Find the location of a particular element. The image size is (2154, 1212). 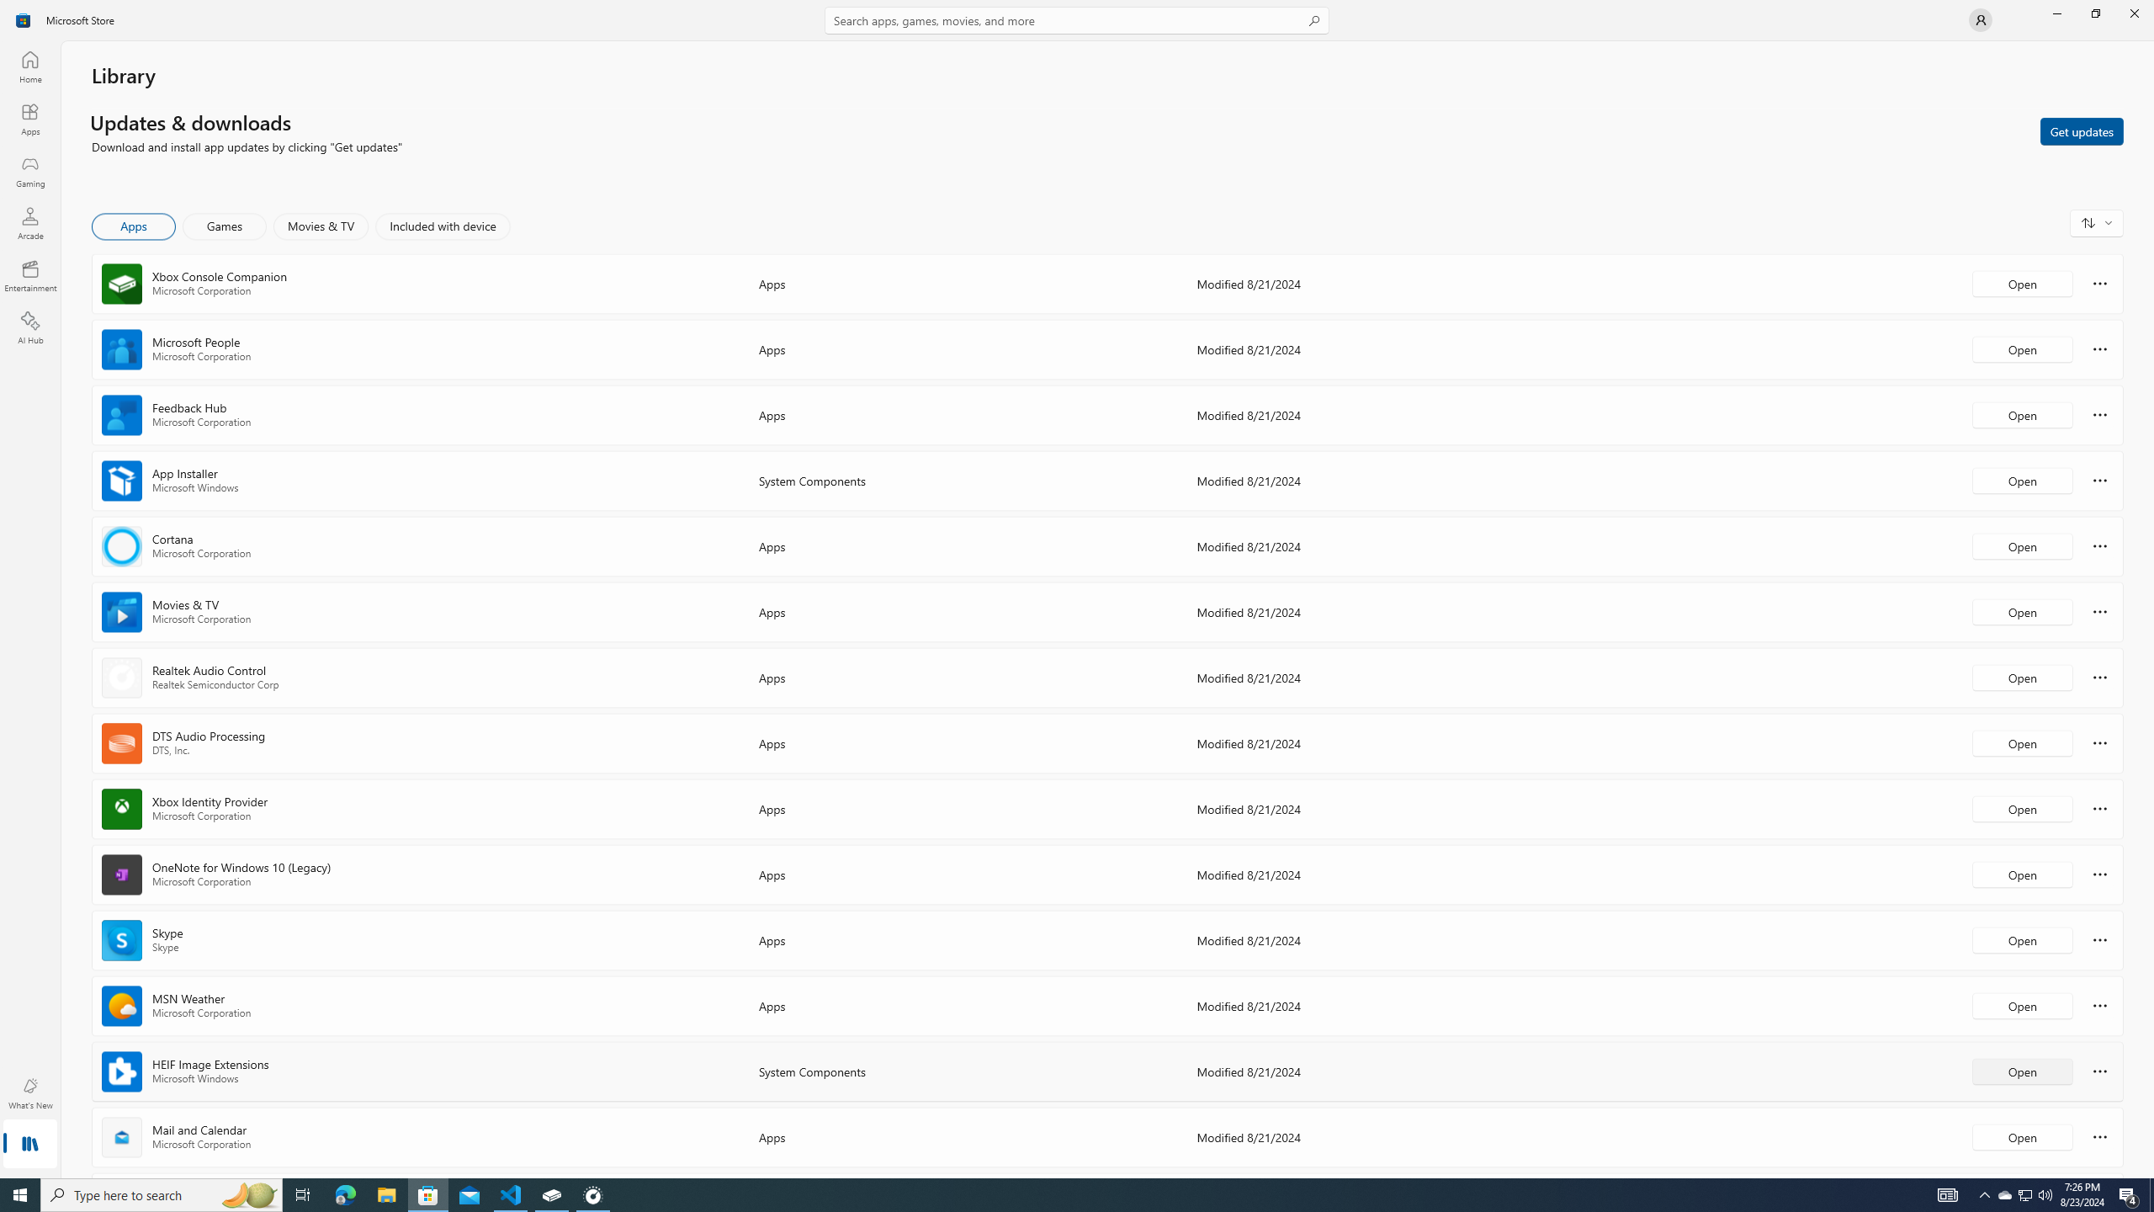

'What' is located at coordinates (29, 1092).